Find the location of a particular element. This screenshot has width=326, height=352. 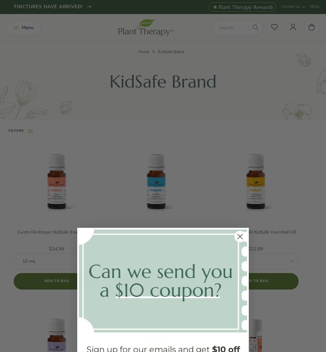

'Hair & Skin Care' is located at coordinates (39, 107).